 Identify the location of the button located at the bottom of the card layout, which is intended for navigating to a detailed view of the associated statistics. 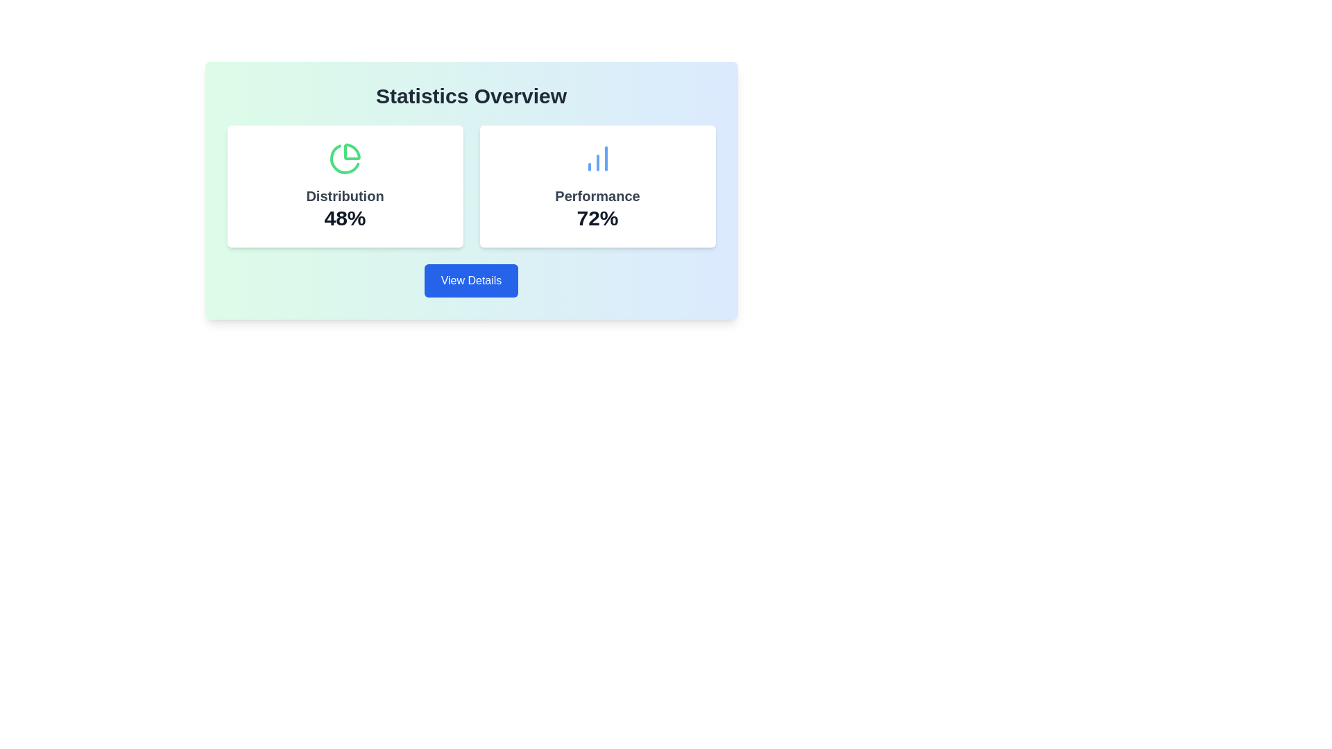
(471, 281).